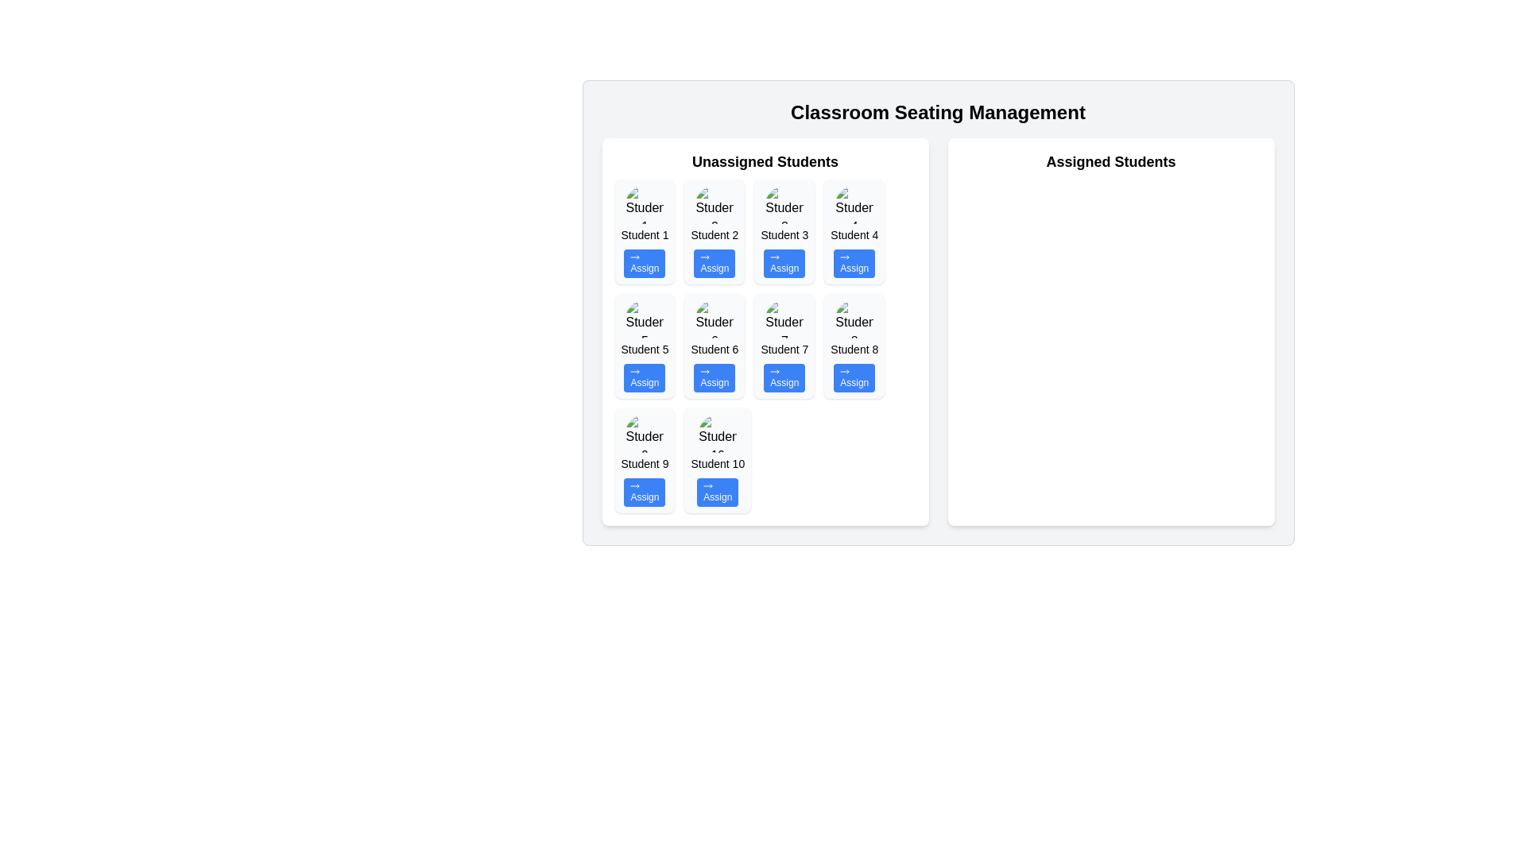 The image size is (1526, 858). Describe the element at coordinates (645, 262) in the screenshot. I see `the blue 'Assign' button with rounded corners located below 'Student 1' in the 'Unassigned Students' grid for keyboard navigation` at that location.